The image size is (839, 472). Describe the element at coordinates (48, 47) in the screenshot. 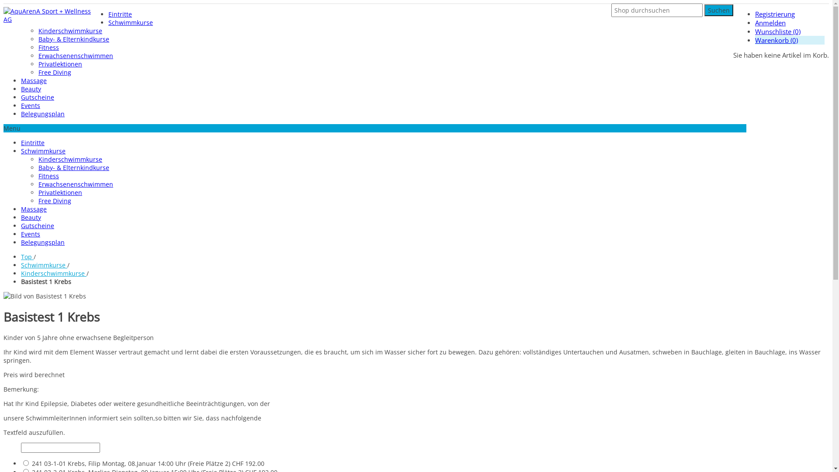

I see `'Fitness'` at that location.